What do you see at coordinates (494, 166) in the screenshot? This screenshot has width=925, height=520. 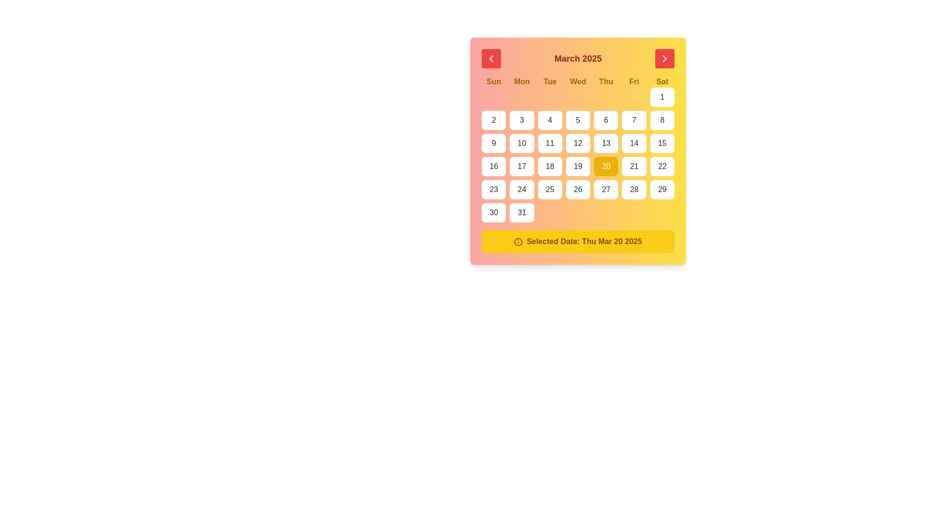 I see `the square button labeled '16' in the calendar grid to change its background color to yellow` at bounding box center [494, 166].